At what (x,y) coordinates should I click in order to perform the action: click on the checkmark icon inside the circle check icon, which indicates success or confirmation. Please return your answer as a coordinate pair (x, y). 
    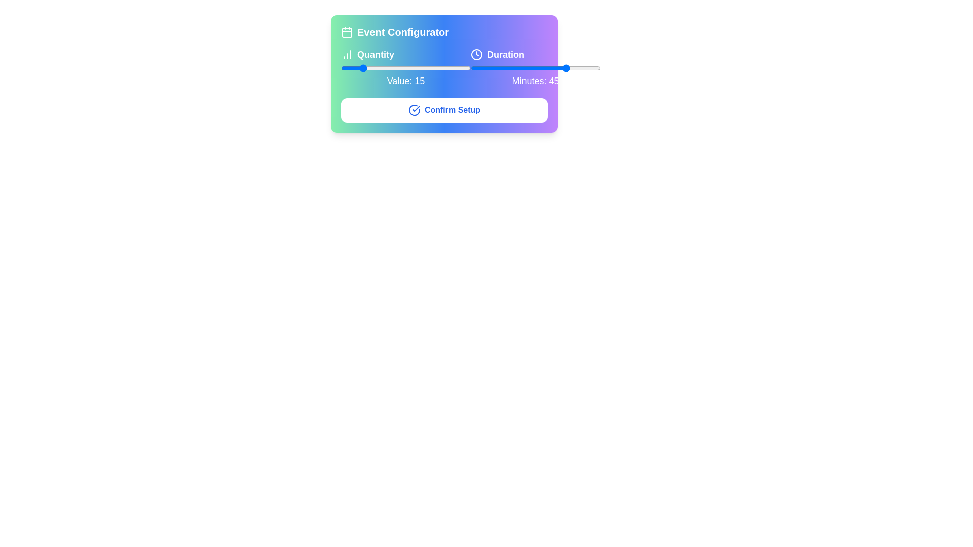
    Looking at the image, I should click on (416, 109).